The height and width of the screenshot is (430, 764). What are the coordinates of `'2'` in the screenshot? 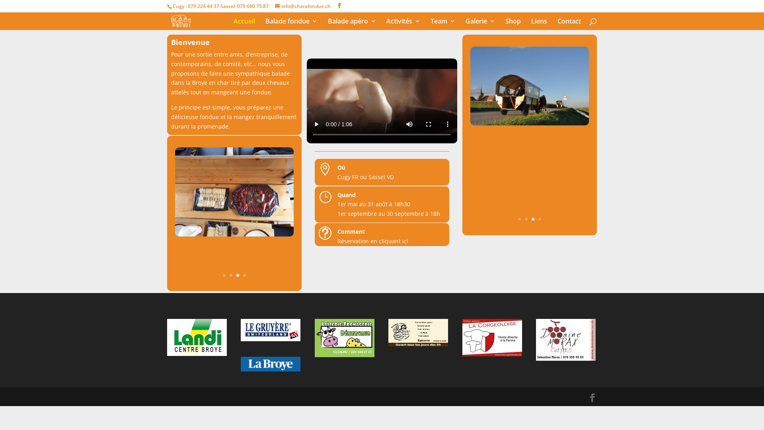 It's located at (526, 219).